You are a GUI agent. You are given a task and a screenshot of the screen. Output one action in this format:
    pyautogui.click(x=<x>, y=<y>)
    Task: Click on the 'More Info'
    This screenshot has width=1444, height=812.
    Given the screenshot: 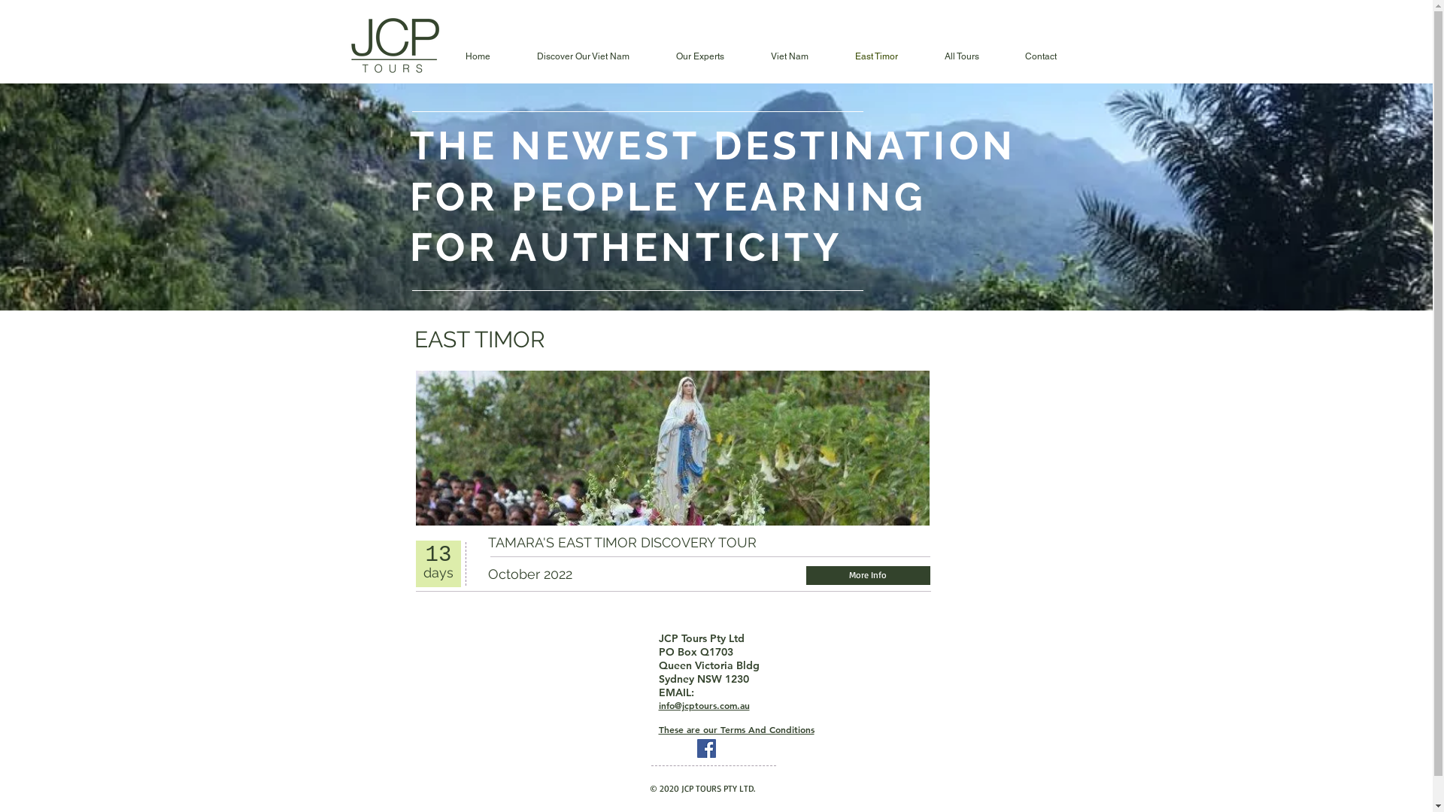 What is the action you would take?
    pyautogui.click(x=805, y=575)
    